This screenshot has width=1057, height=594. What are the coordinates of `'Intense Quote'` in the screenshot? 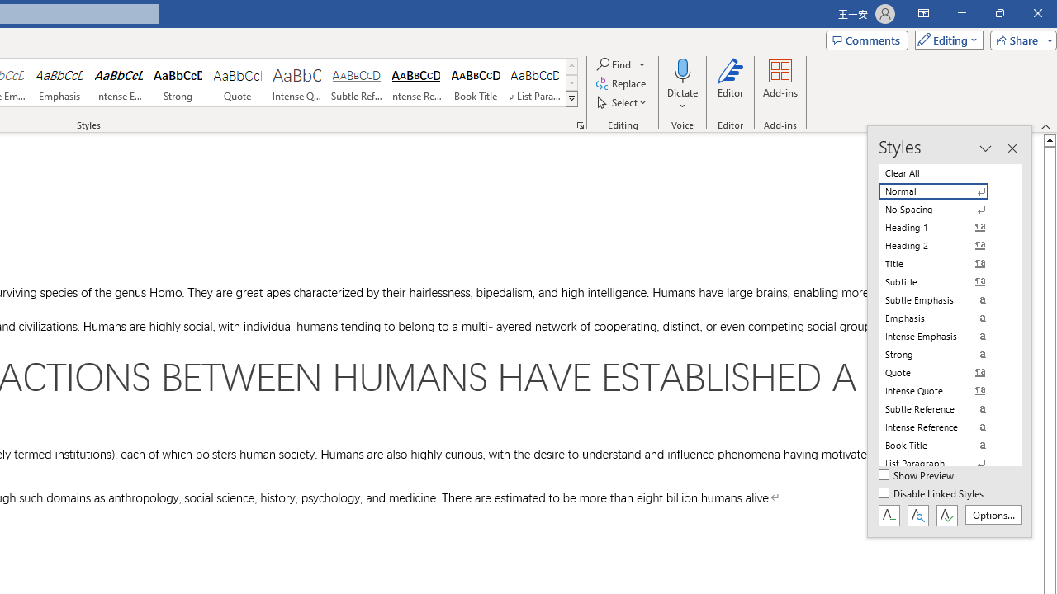 It's located at (296, 82).